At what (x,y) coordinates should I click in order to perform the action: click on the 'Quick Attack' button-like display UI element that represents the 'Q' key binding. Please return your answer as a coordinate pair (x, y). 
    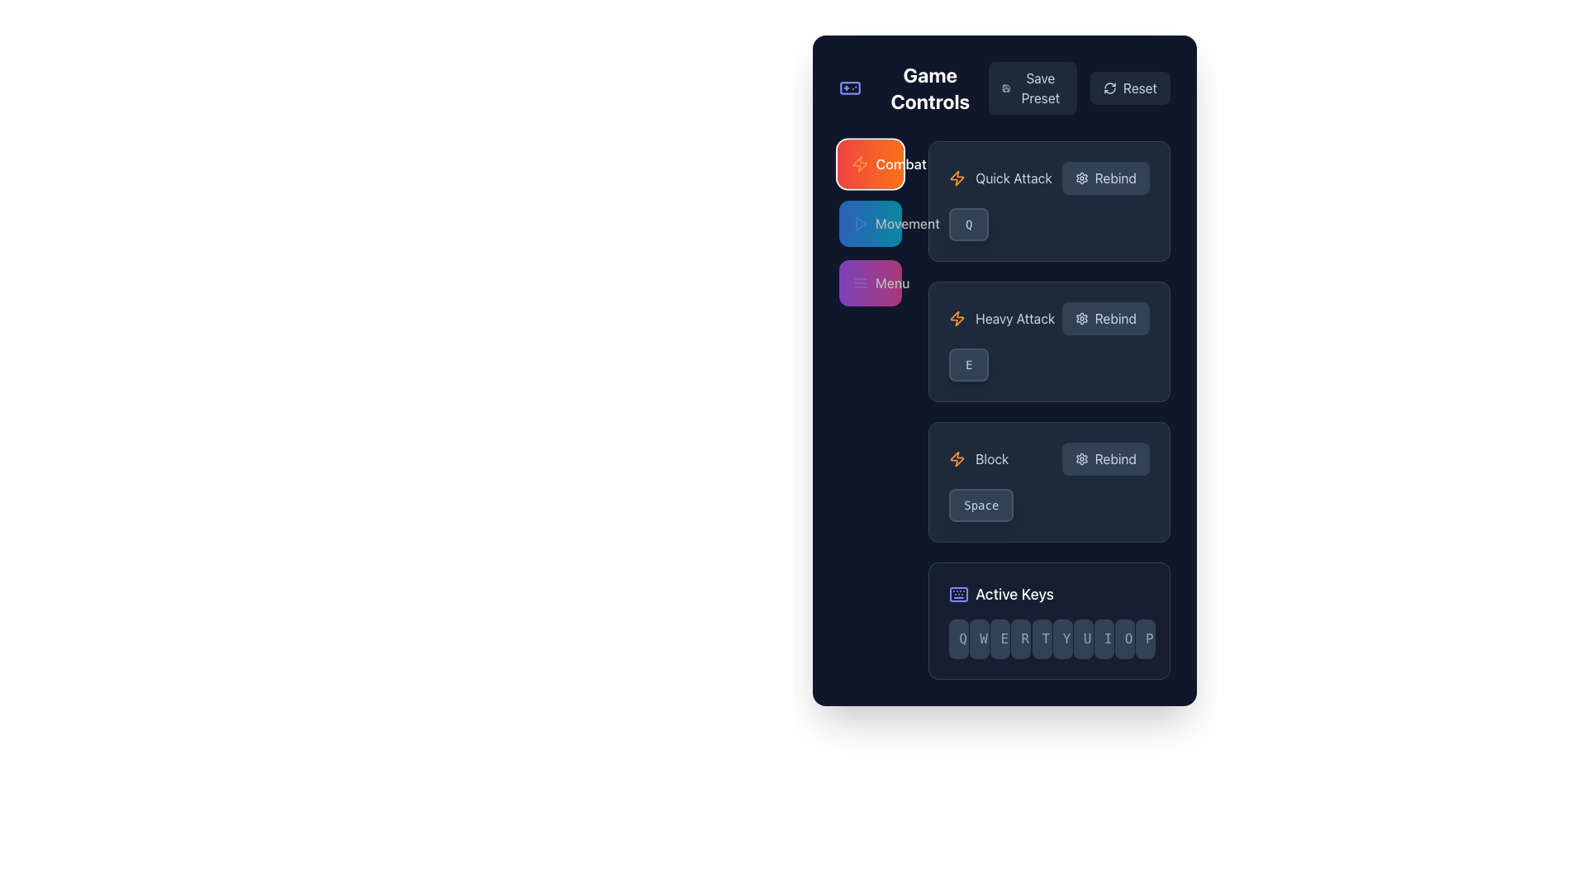
    Looking at the image, I should click on (1048, 225).